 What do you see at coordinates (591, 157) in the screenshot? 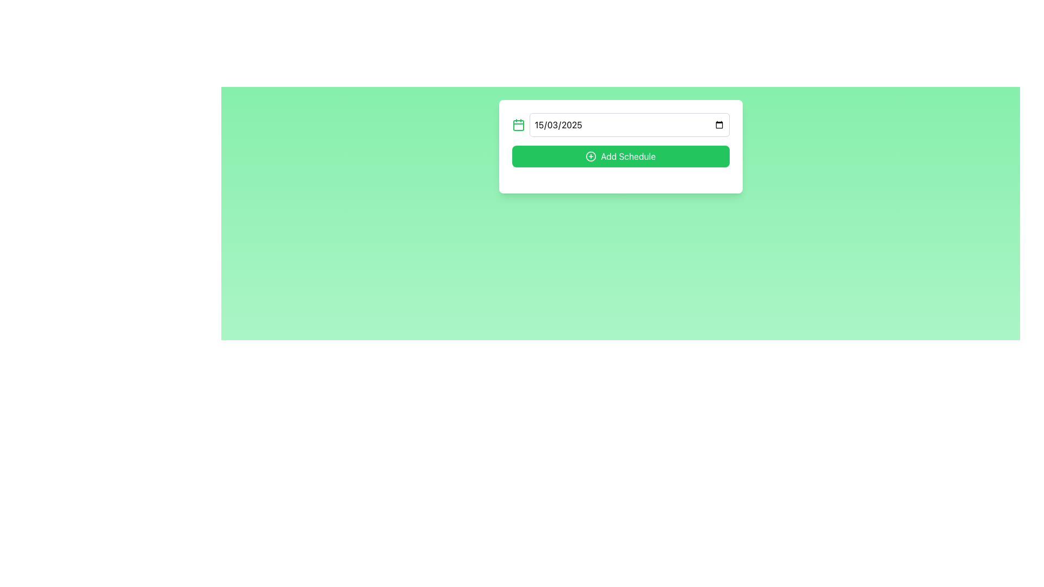
I see `the small circular green icon with a plus sign located on the left side of the 'Add Schedule' text within the green button` at bounding box center [591, 157].